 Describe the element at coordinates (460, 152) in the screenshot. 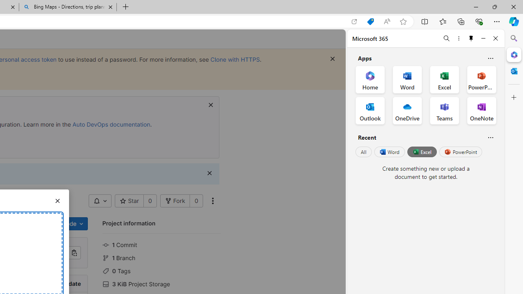

I see `'PowerPoint'` at that location.